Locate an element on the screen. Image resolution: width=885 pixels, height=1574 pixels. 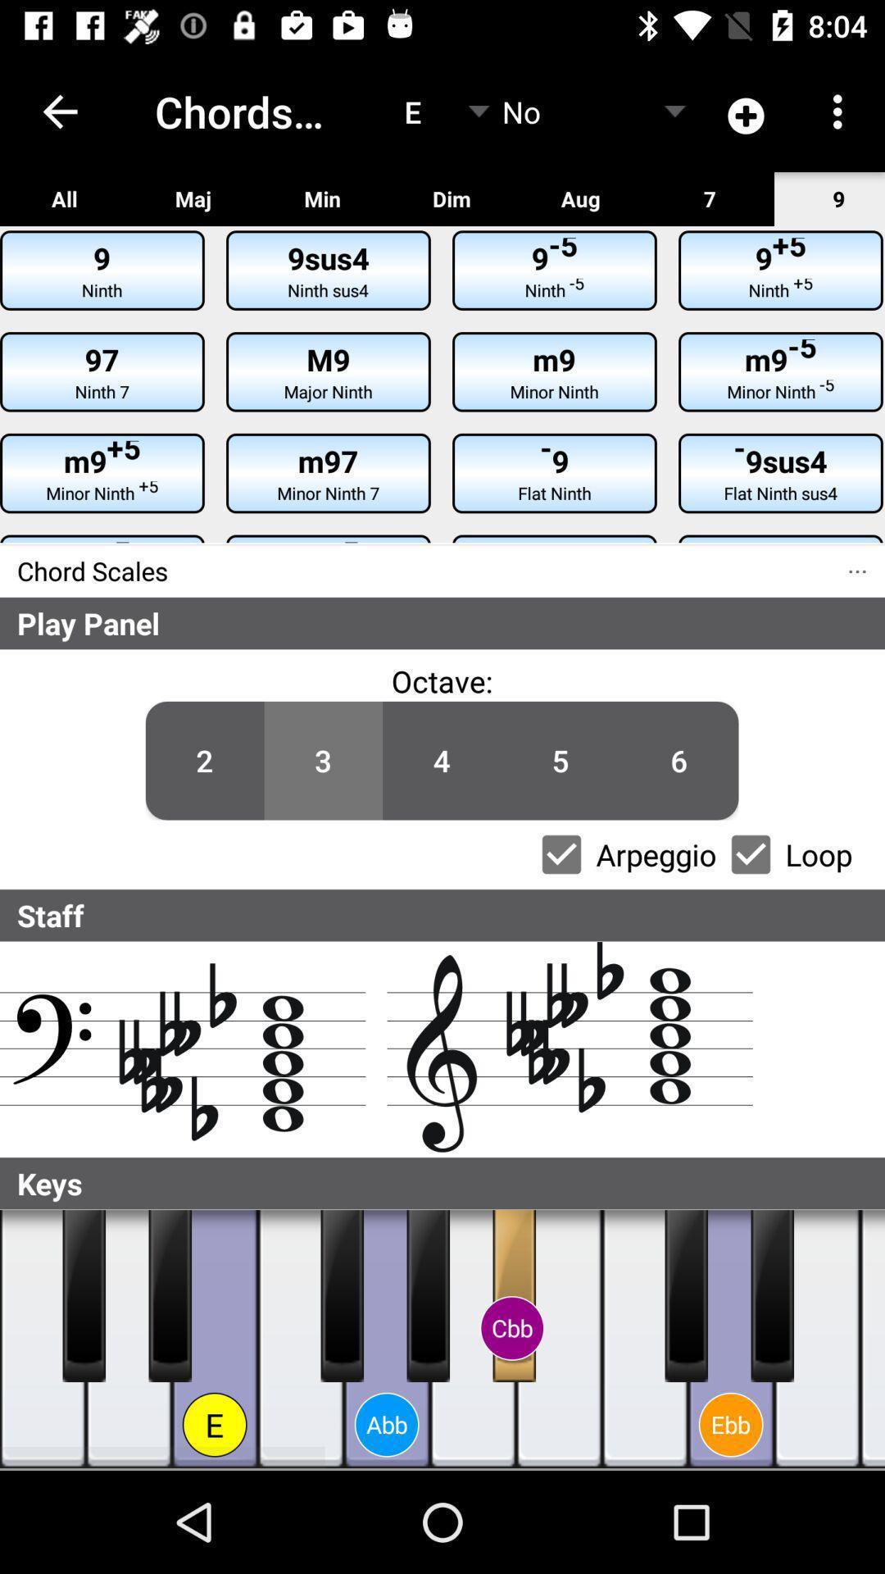
black piano key is located at coordinates (170, 1294).